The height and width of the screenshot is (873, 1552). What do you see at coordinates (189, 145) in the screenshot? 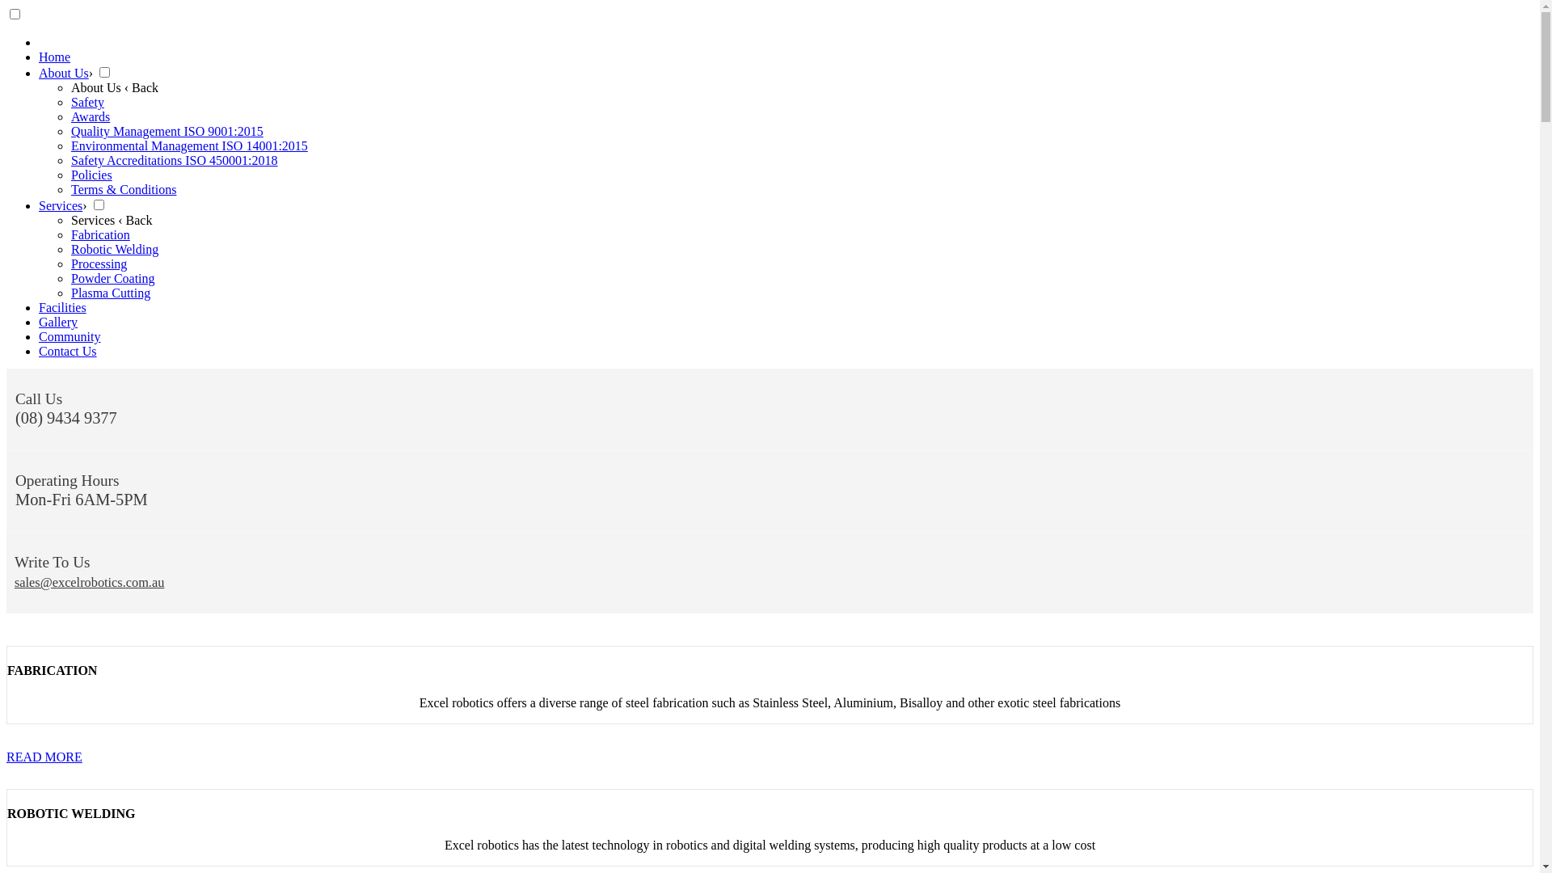
I see `'Environmental Management ISO 14001:2015'` at bounding box center [189, 145].